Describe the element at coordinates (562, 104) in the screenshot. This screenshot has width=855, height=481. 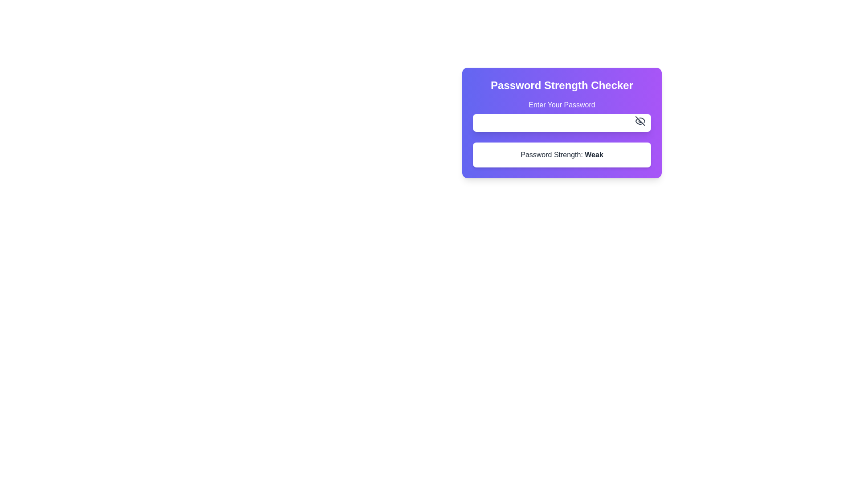
I see `the label that serves as a heading for the password input field, located near the center of the form, above the input field` at that location.